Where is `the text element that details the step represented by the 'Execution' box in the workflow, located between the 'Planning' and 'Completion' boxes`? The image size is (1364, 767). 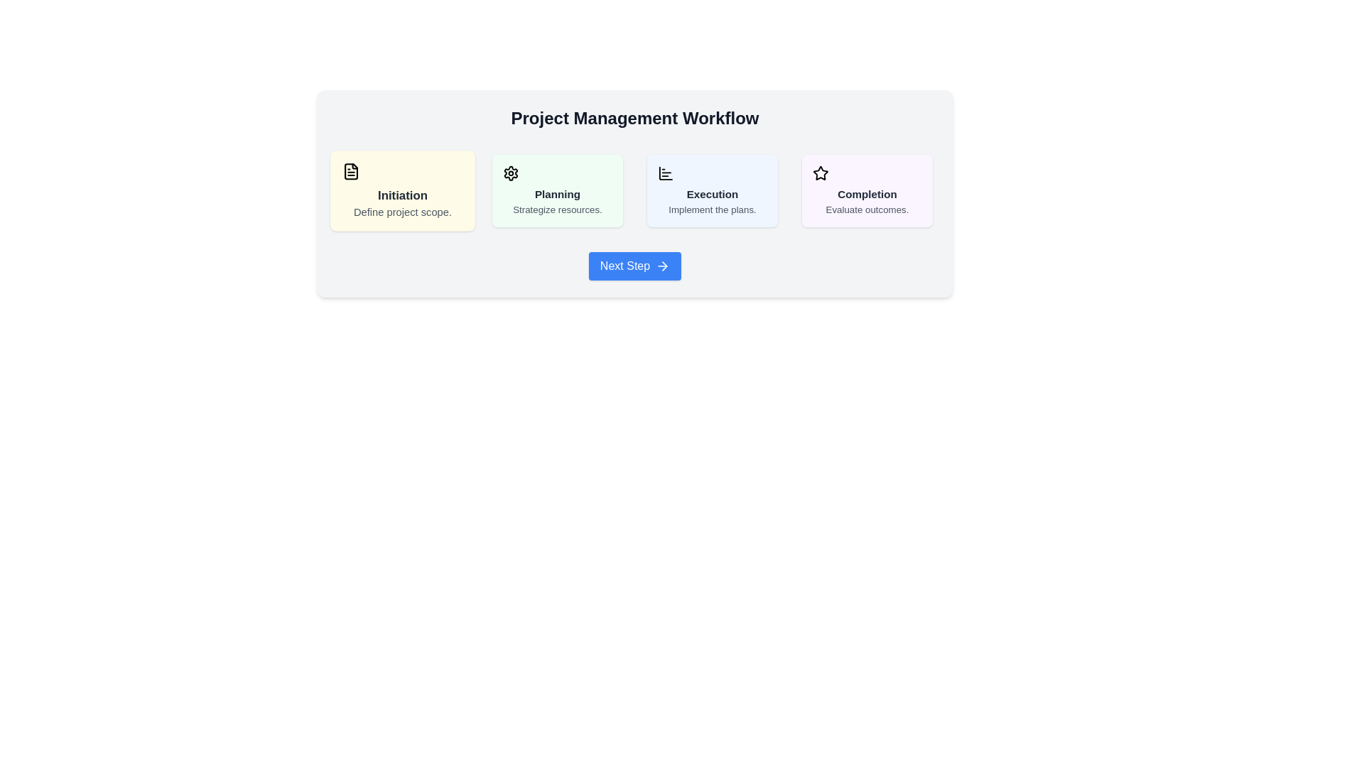
the text element that details the step represented by the 'Execution' box in the workflow, located between the 'Planning' and 'Completion' boxes is located at coordinates (713, 209).